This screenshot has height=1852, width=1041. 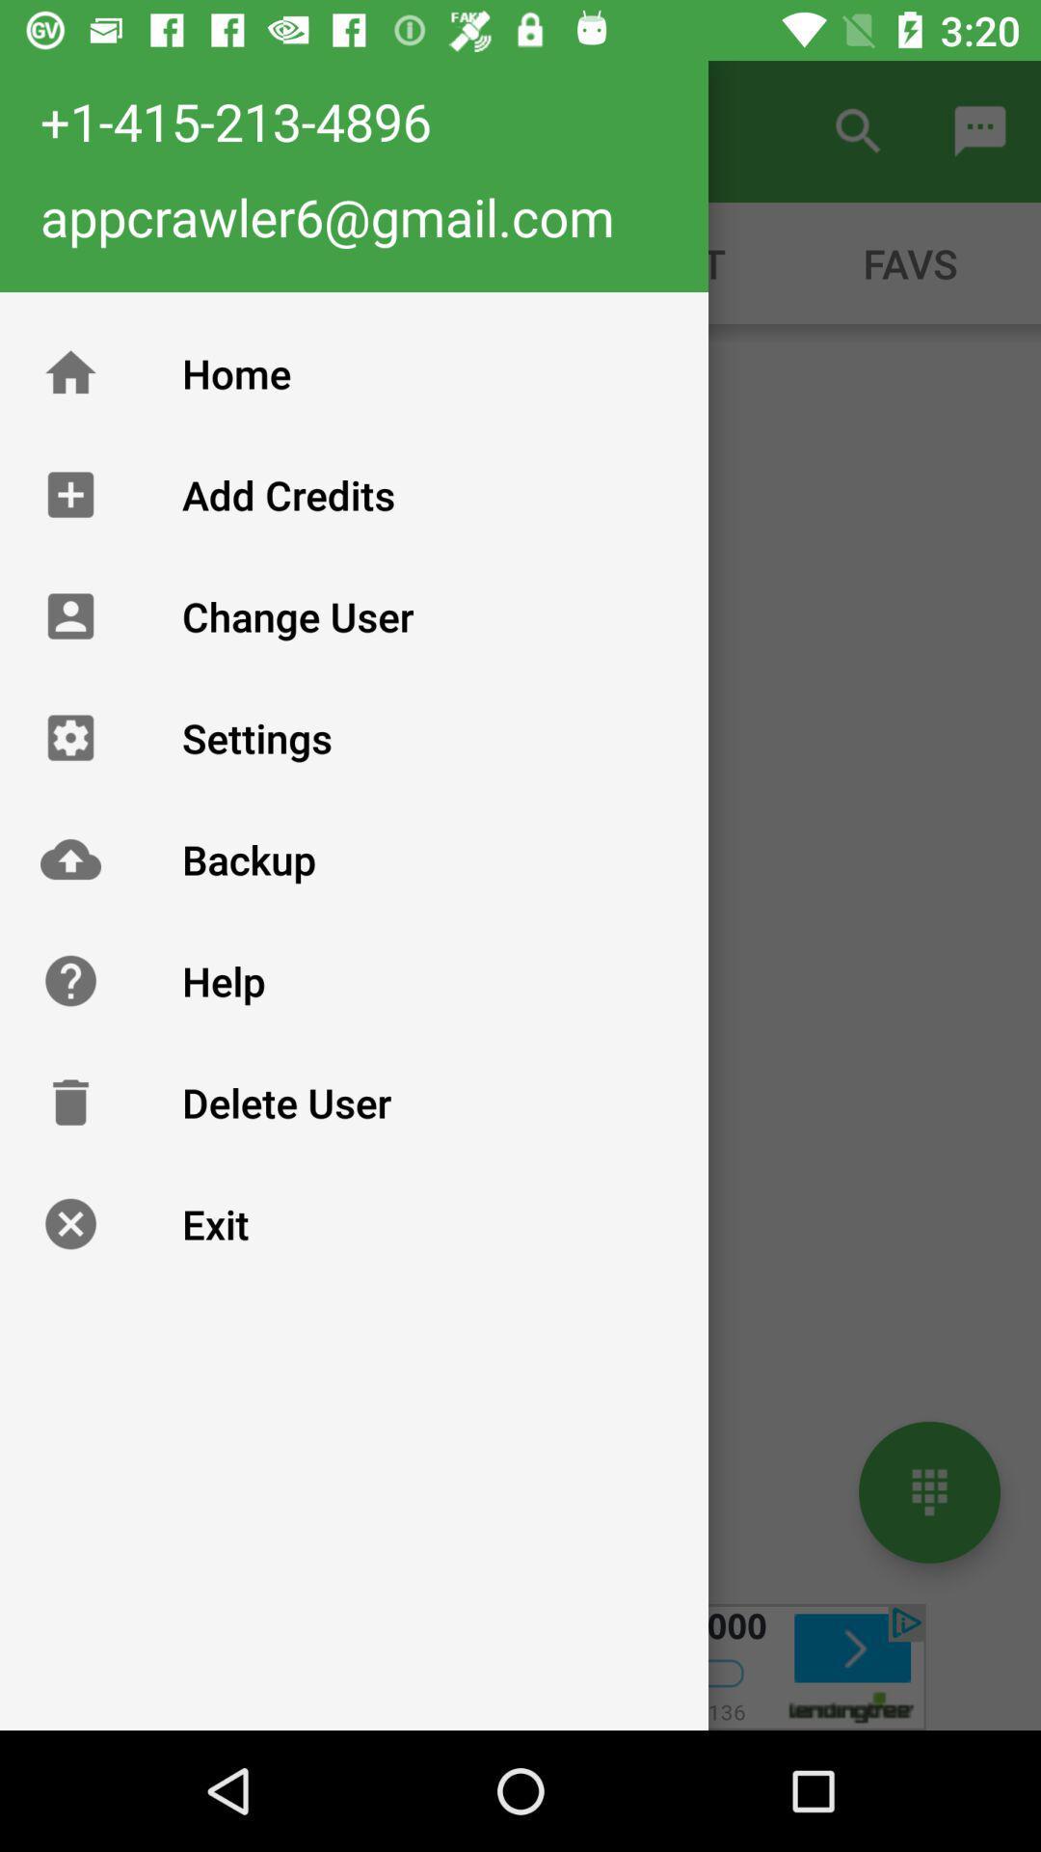 What do you see at coordinates (928, 1491) in the screenshot?
I see `the dialpad icon` at bounding box center [928, 1491].